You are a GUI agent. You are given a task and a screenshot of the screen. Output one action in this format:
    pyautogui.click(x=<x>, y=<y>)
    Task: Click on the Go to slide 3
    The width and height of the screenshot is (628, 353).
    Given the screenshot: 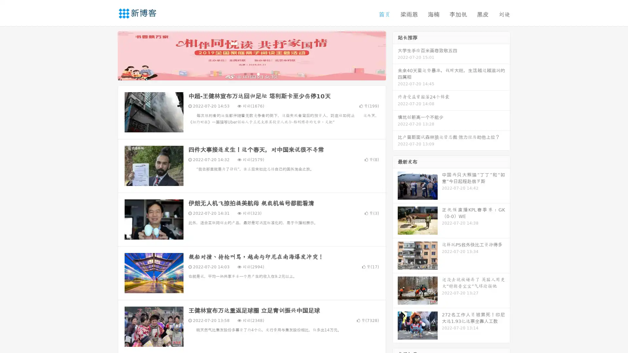 What is the action you would take?
    pyautogui.click(x=258, y=74)
    